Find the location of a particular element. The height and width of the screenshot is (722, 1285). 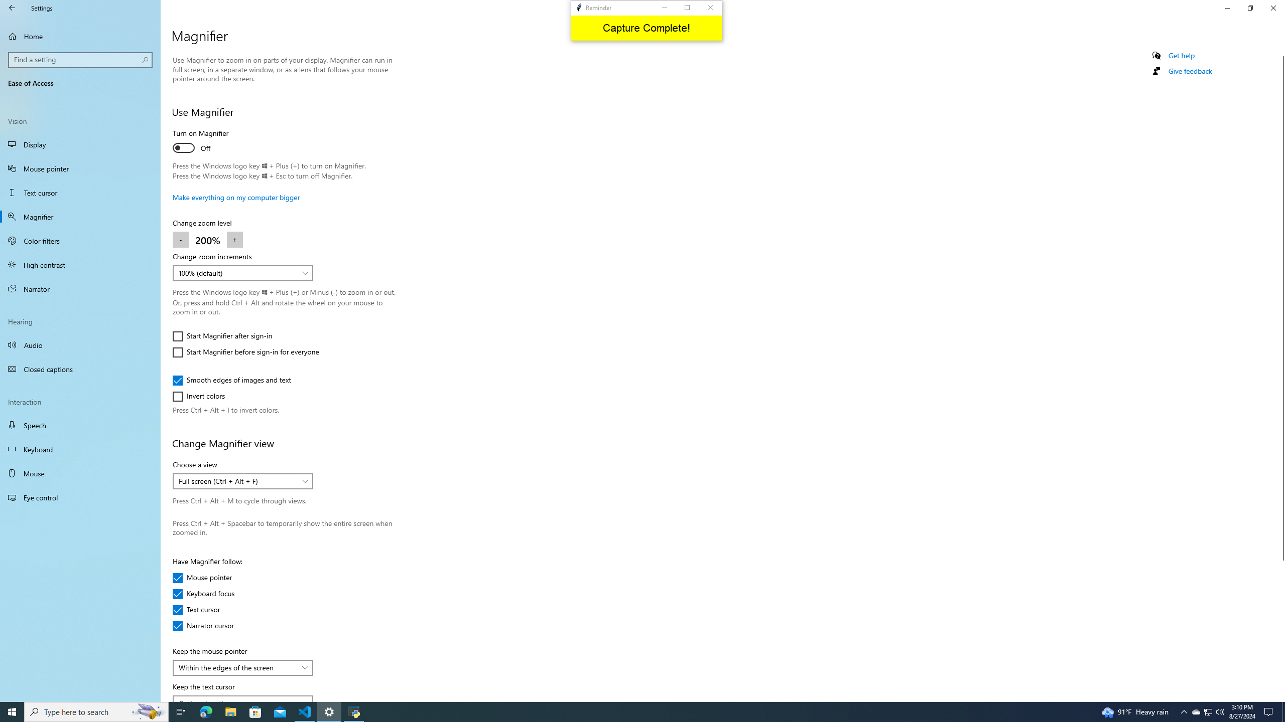

'Vertical Small Increase' is located at coordinates (1280, 697).